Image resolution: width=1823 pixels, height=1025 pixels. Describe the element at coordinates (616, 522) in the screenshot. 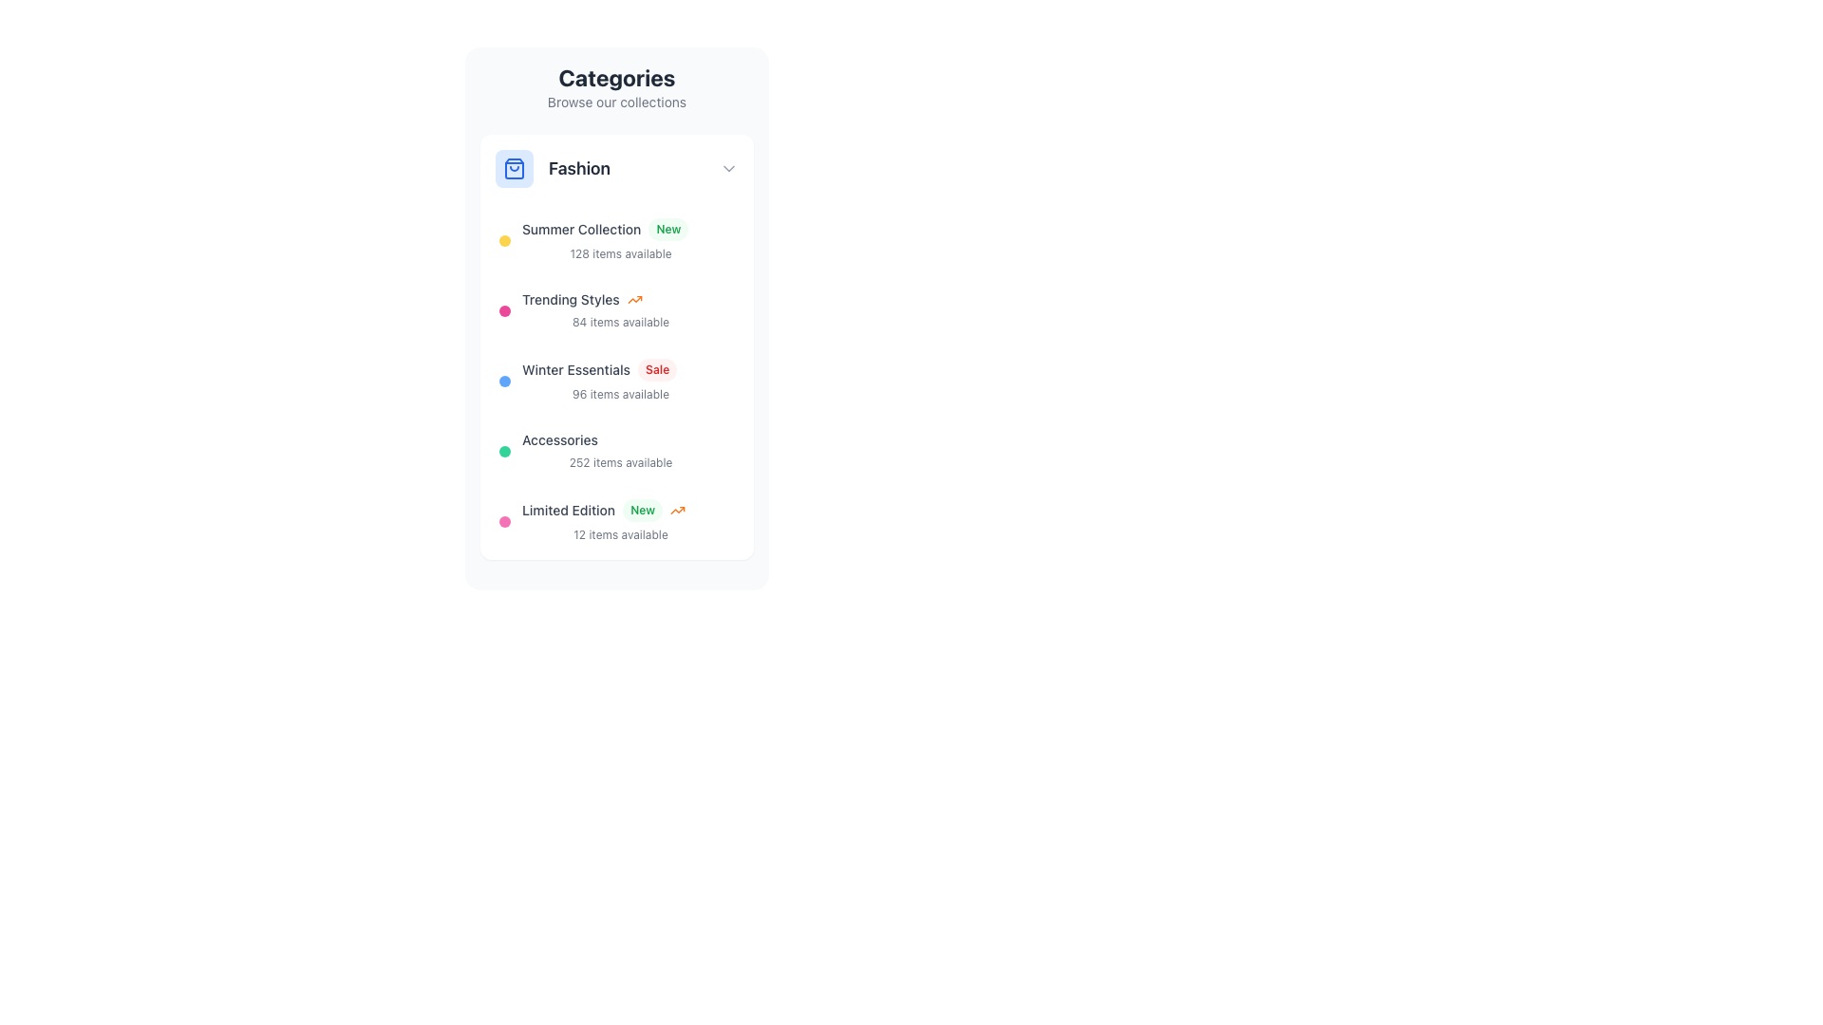

I see `the list item labeled 'Limited Edition' with the 'New' label styled in green, which is the last item in the 'Fashion' section` at that location.